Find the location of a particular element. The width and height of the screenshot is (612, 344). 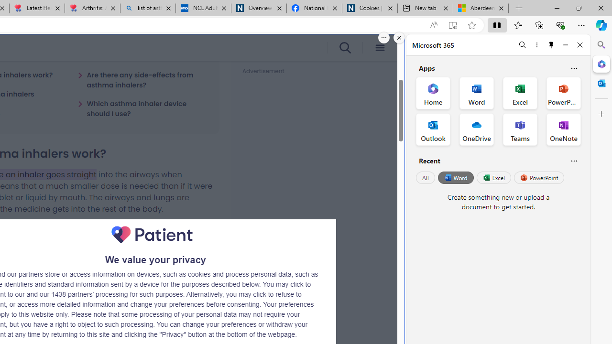

'OneDrive Office App' is located at coordinates (477, 129).